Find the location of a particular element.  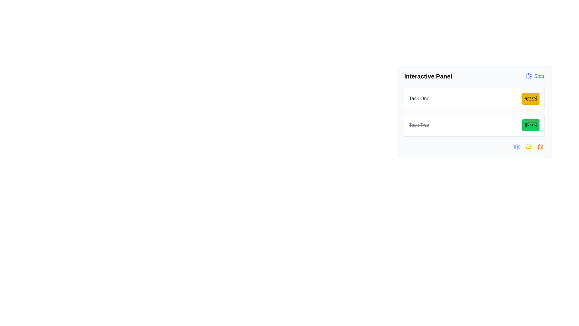

the small, rounded rectangle button with a green background containing a checkmark symbol ('✓') to mark the task as done is located at coordinates (531, 125).